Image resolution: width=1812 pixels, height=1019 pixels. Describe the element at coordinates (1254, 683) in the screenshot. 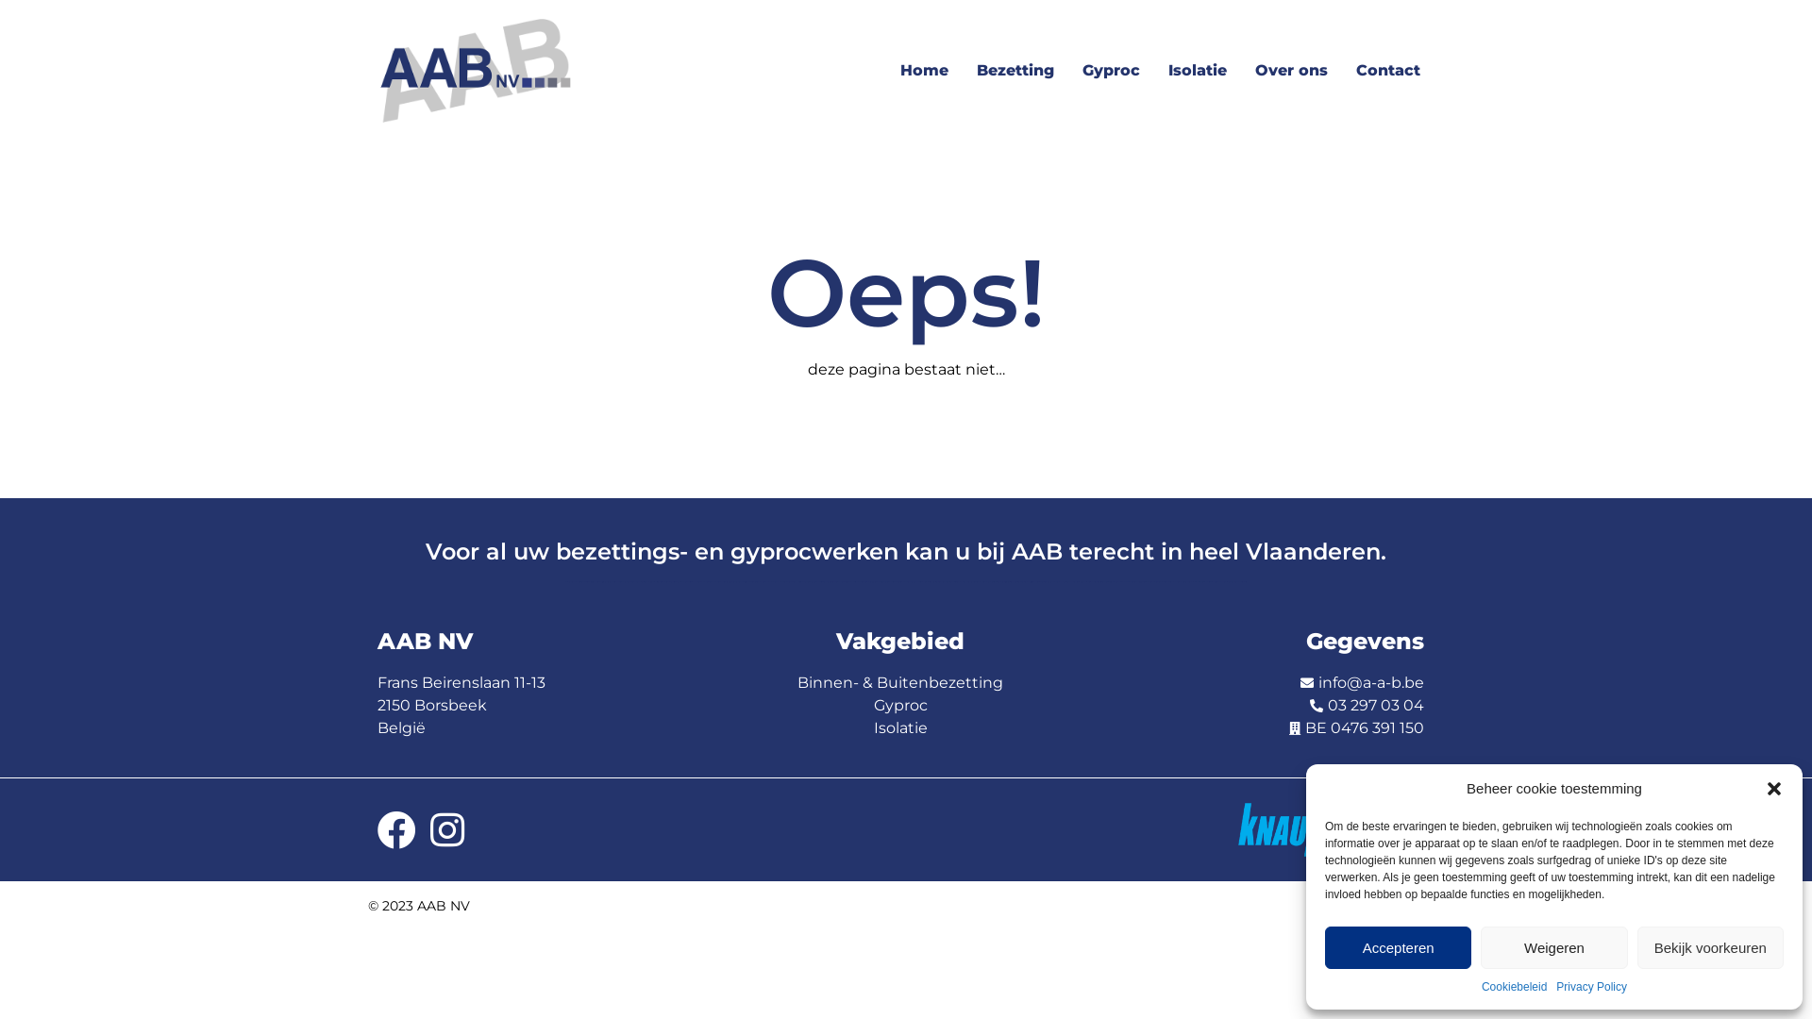

I see `'info@a-a-b.be'` at that location.